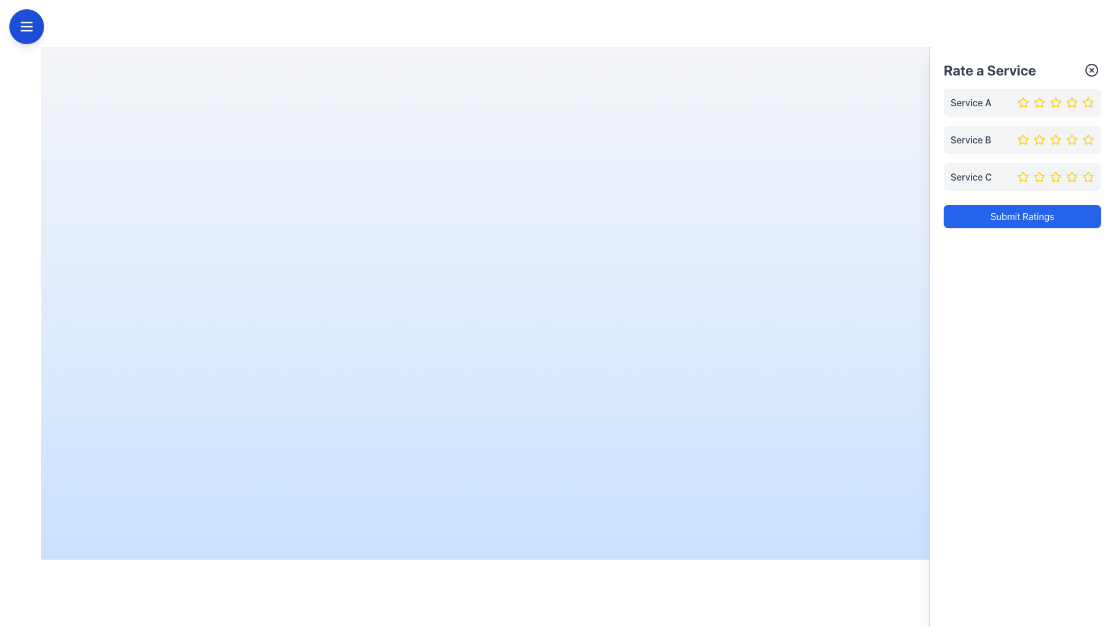 The width and height of the screenshot is (1115, 627). I want to click on a star in the Rating Component labeled 'Service C' to set a rating, so click(1022, 176).